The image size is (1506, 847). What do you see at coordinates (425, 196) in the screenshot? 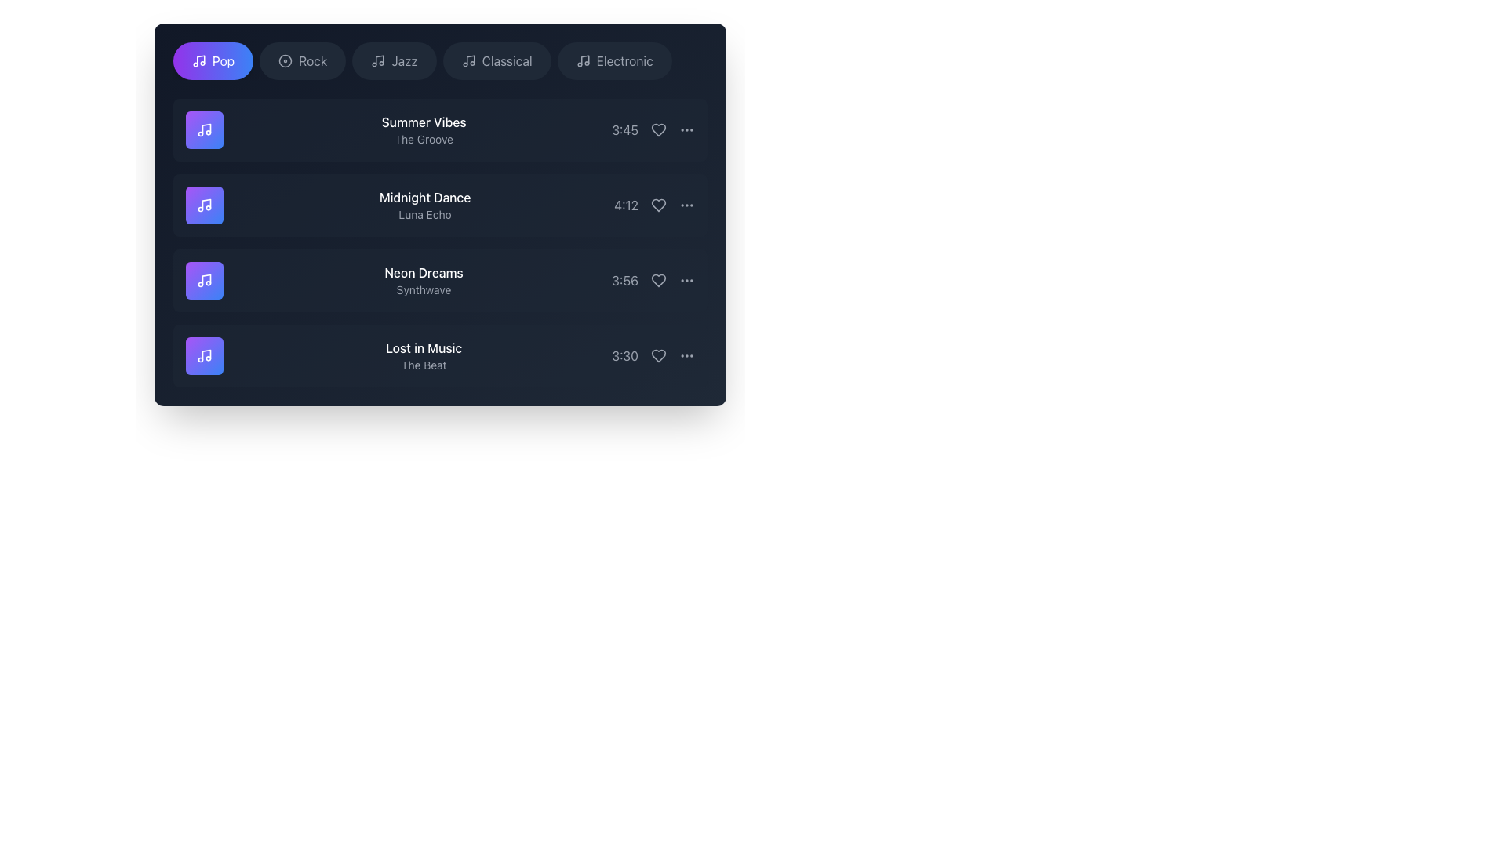
I see `text displayed in the Text Label, which serves as the title of a list item located in the second row of the vertically stacked list, centered horizontally above the sibling text 'Luna Echo'` at bounding box center [425, 196].